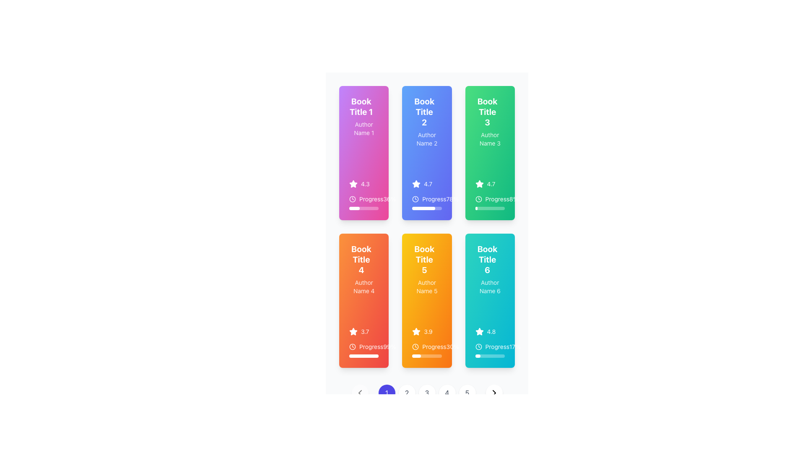 The height and width of the screenshot is (453, 805). I want to click on the text display summarizing progress or completion status in the second card titled 'Book Title 2', which has a blue background and is located below the rating star, so click(427, 199).